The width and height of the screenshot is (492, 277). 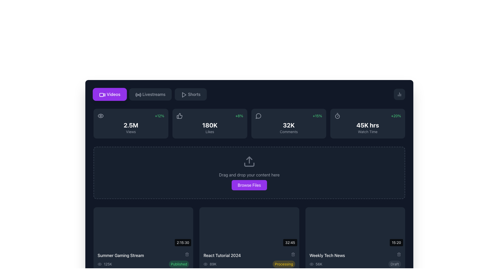 I want to click on the 'Comments' icon located adjacent to the '32K Comments' text in the dashboard, which visually denotes the comments feature, so click(x=258, y=116).